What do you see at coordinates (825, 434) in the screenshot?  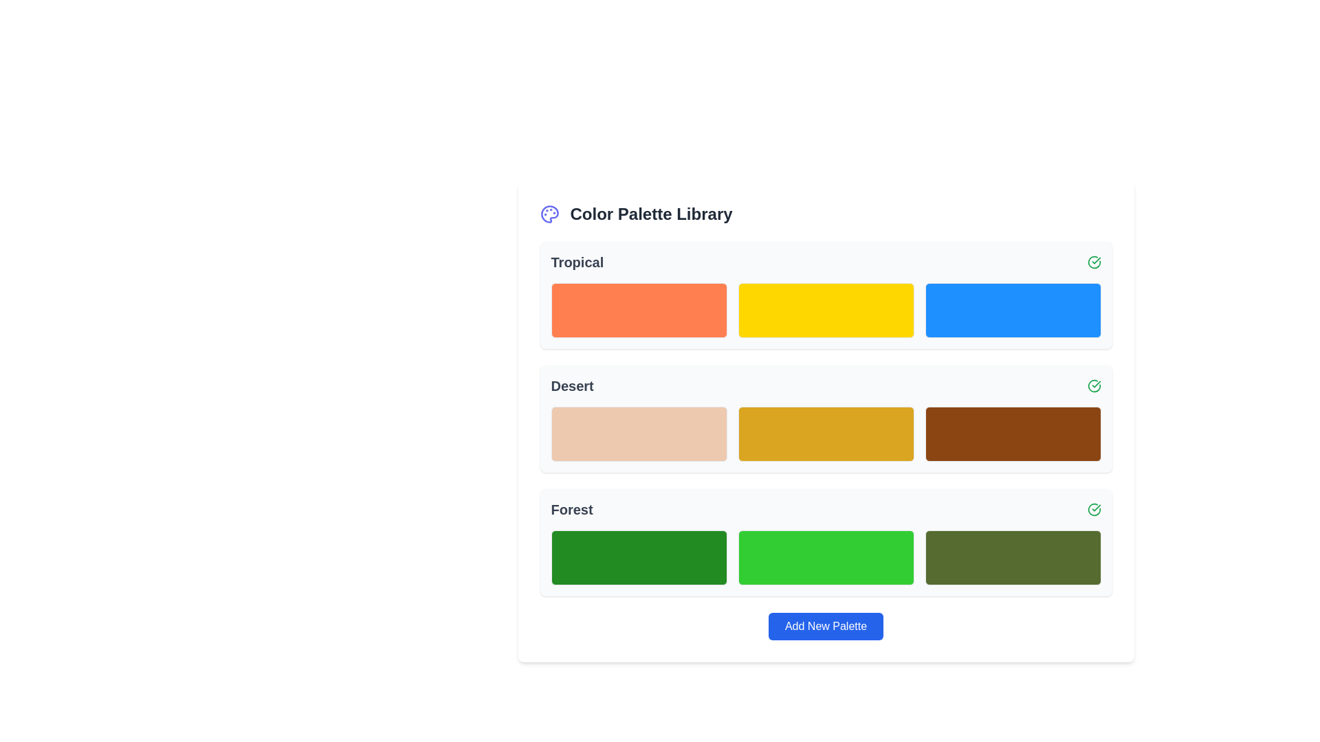 I see `the gold color swatch element labeled 'Desert'` at bounding box center [825, 434].